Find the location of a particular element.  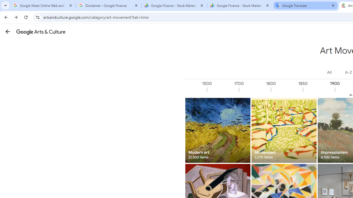

'Google Arts & Culture' is located at coordinates (41, 32).